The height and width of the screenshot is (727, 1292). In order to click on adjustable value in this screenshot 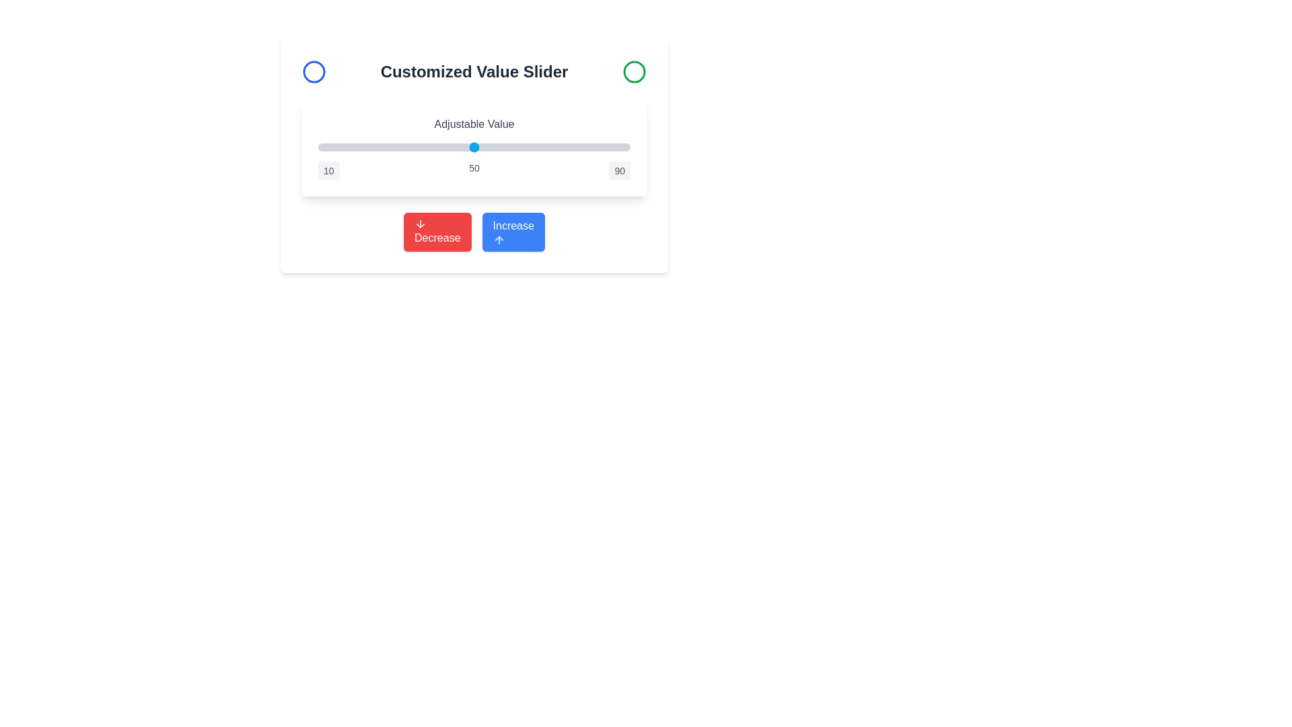, I will do `click(470, 147)`.